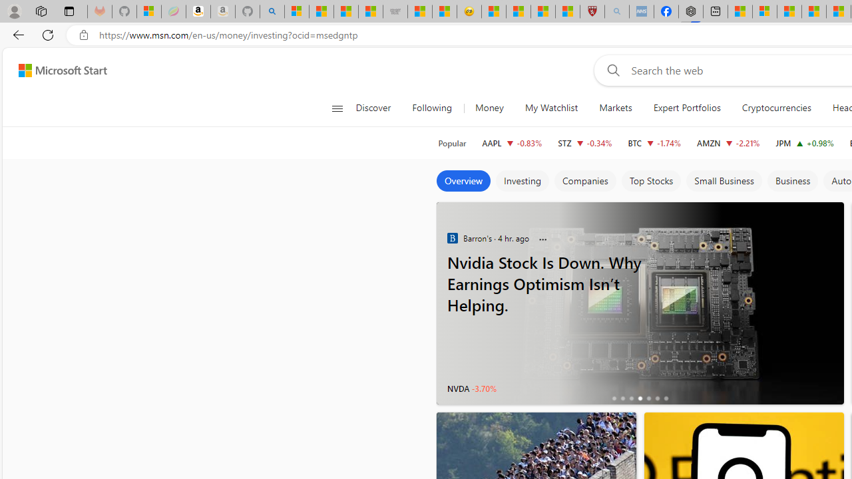  Describe the element at coordinates (616, 11) in the screenshot. I see `'list of asthma inhalers uk - Search - Sleeping'` at that location.